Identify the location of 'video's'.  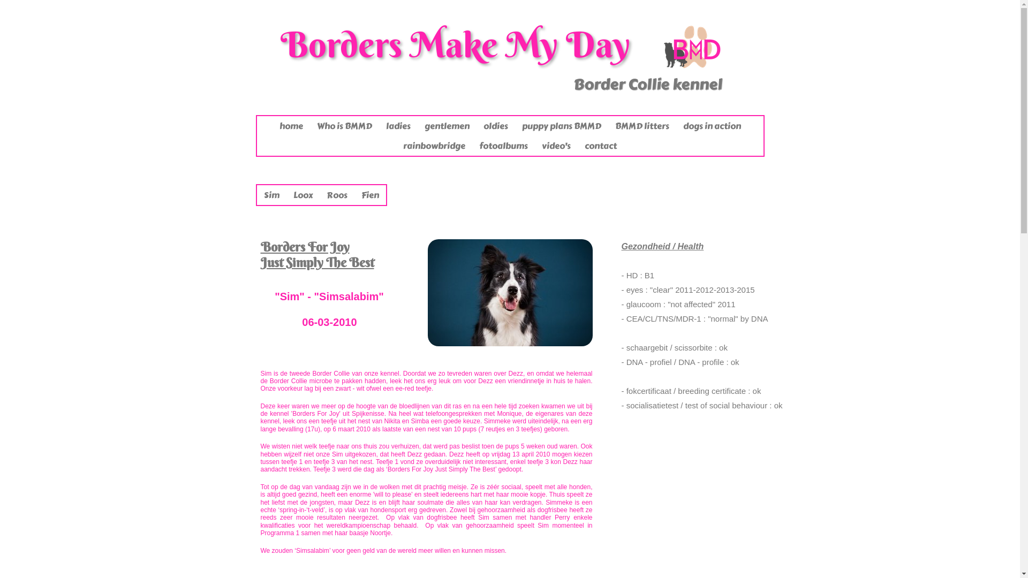
(534, 146).